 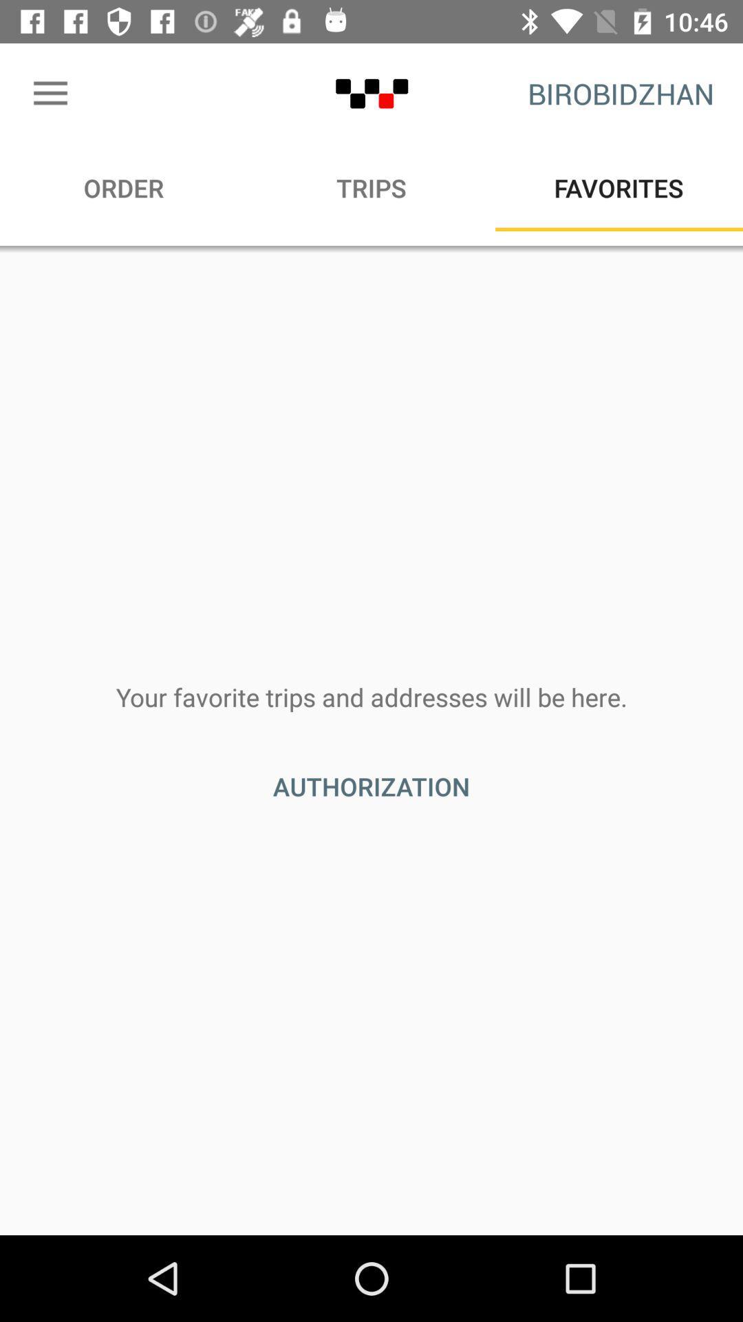 I want to click on birobidzhan item, so click(x=621, y=93).